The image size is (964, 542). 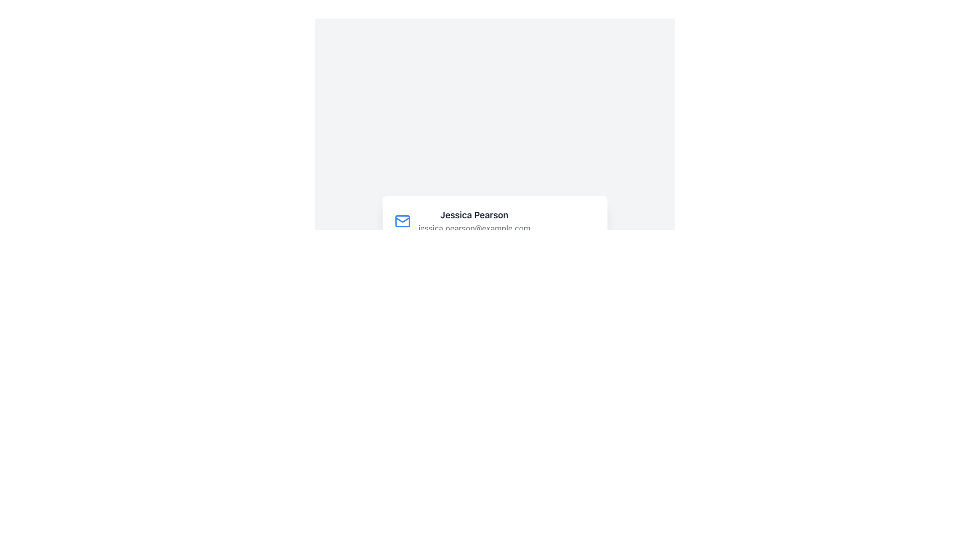 I want to click on the text element displaying 'Jessica Pearson', which is bold and larger in dark gray color, located at the top of a white card-like interface, so click(x=474, y=214).